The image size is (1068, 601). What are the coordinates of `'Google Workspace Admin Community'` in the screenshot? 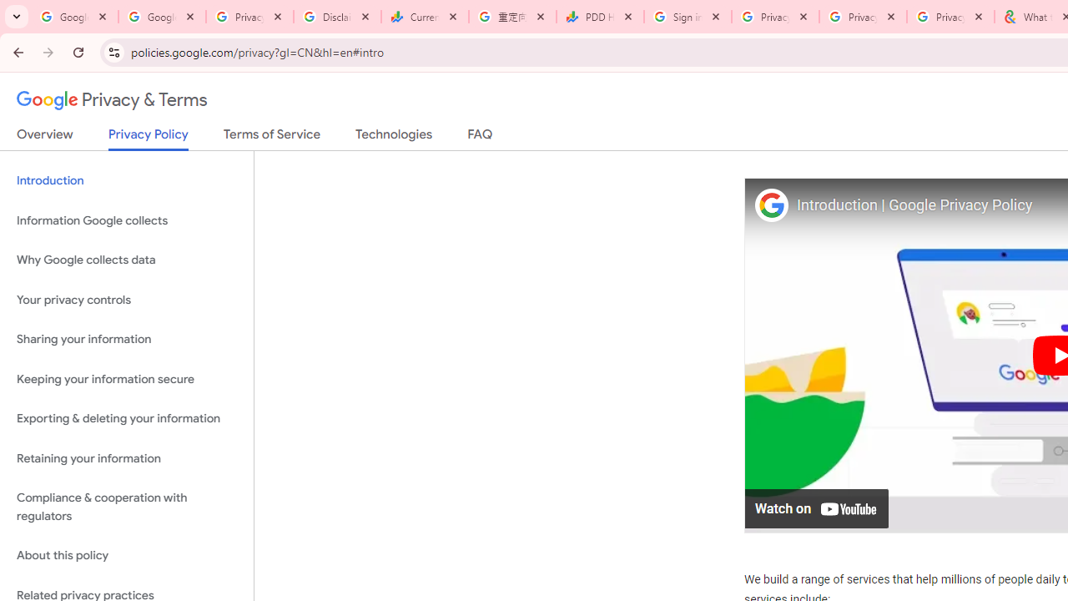 It's located at (73, 17).